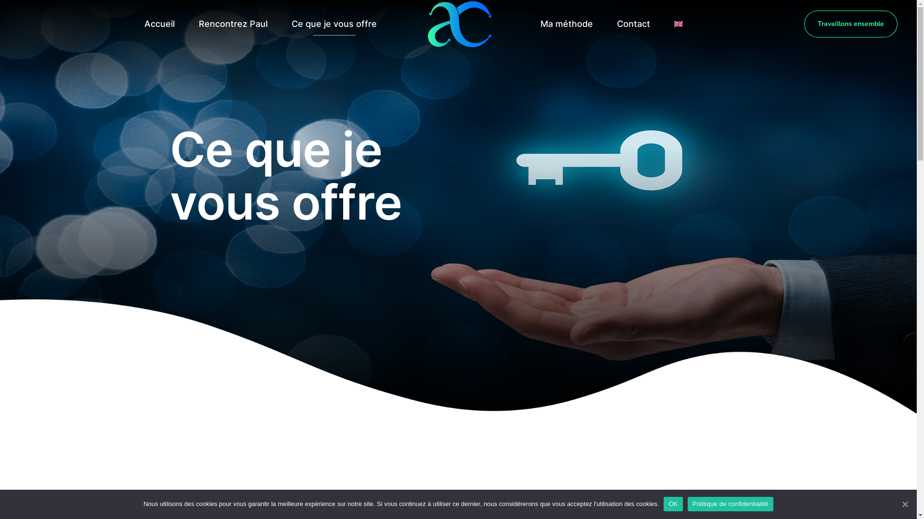  I want to click on 'Rencontrez Paul', so click(232, 24).